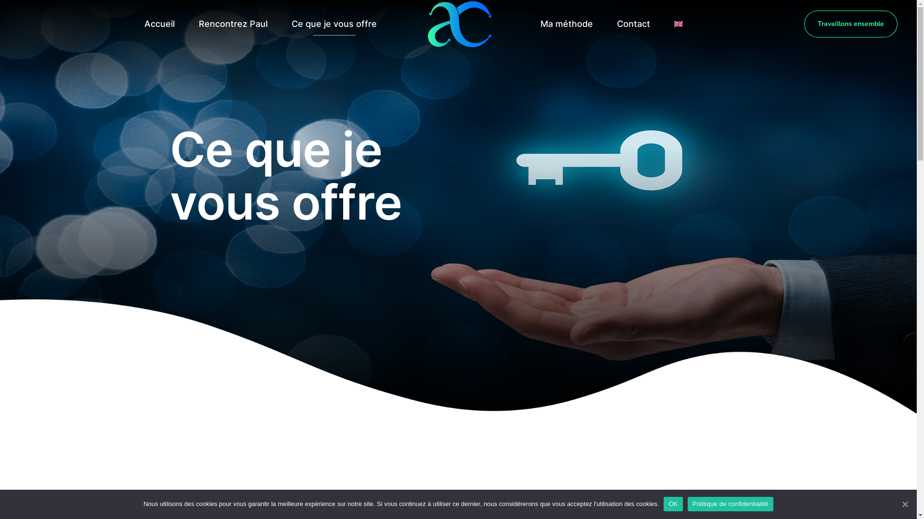  I want to click on 'Rencontrez Paul', so click(232, 24).